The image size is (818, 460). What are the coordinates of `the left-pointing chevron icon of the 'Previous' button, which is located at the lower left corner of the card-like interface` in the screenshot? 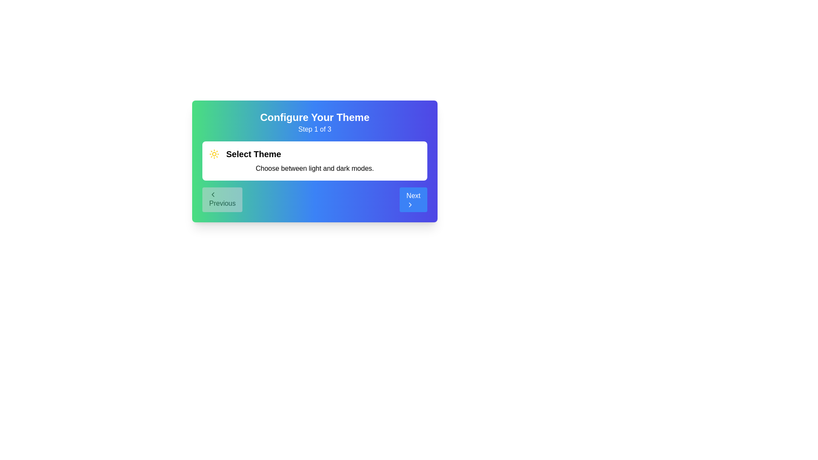 It's located at (213, 194).